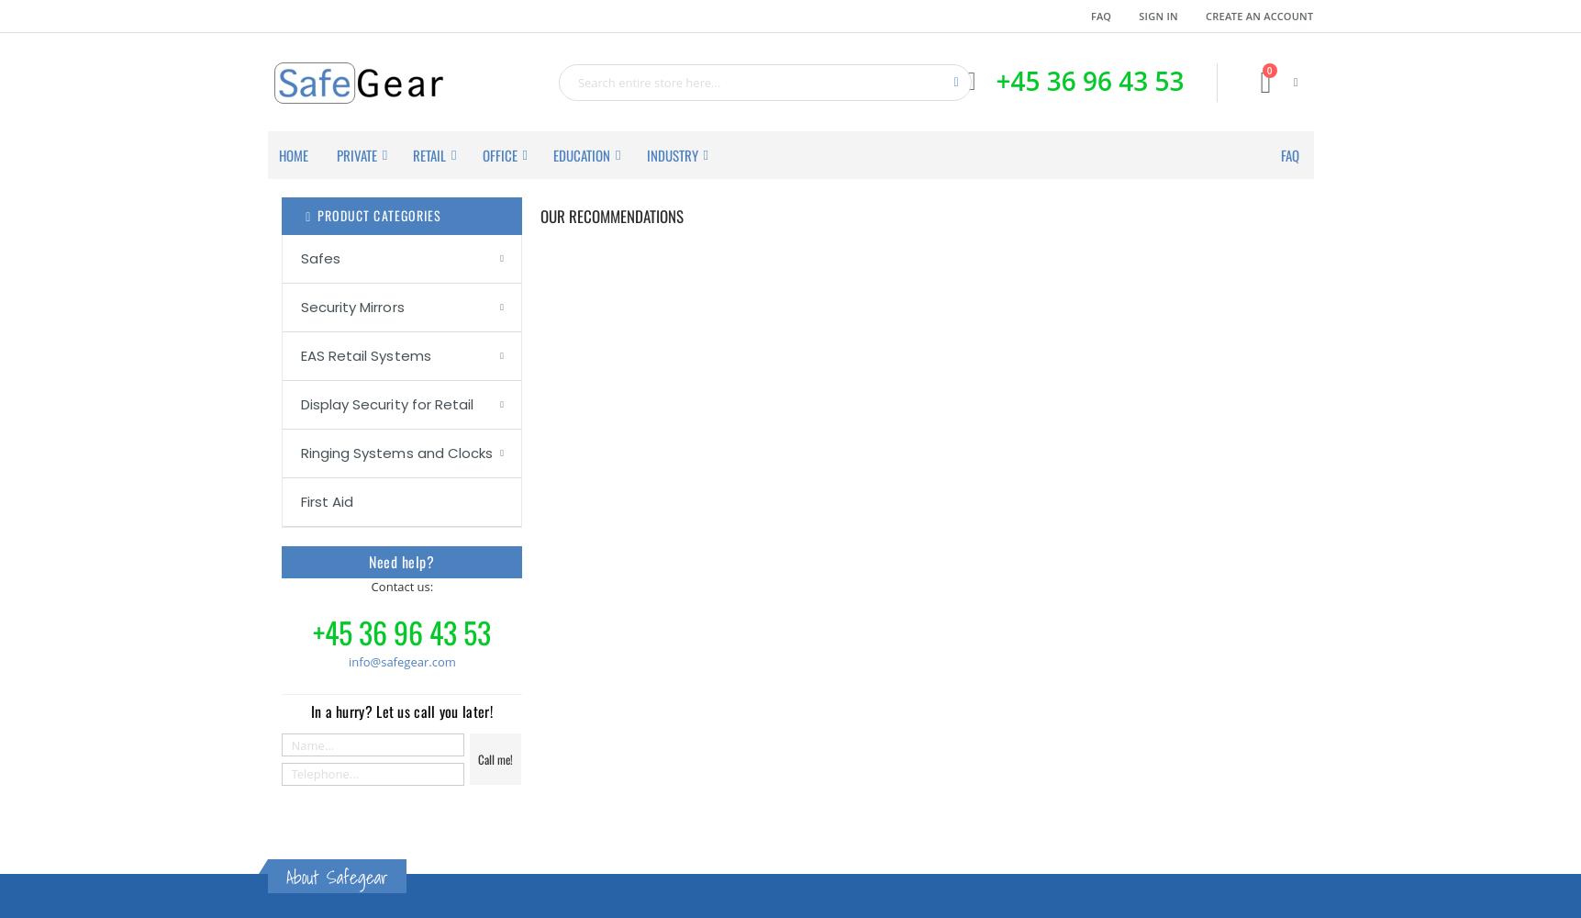 The image size is (1581, 918). I want to click on 'Home', so click(292, 155).